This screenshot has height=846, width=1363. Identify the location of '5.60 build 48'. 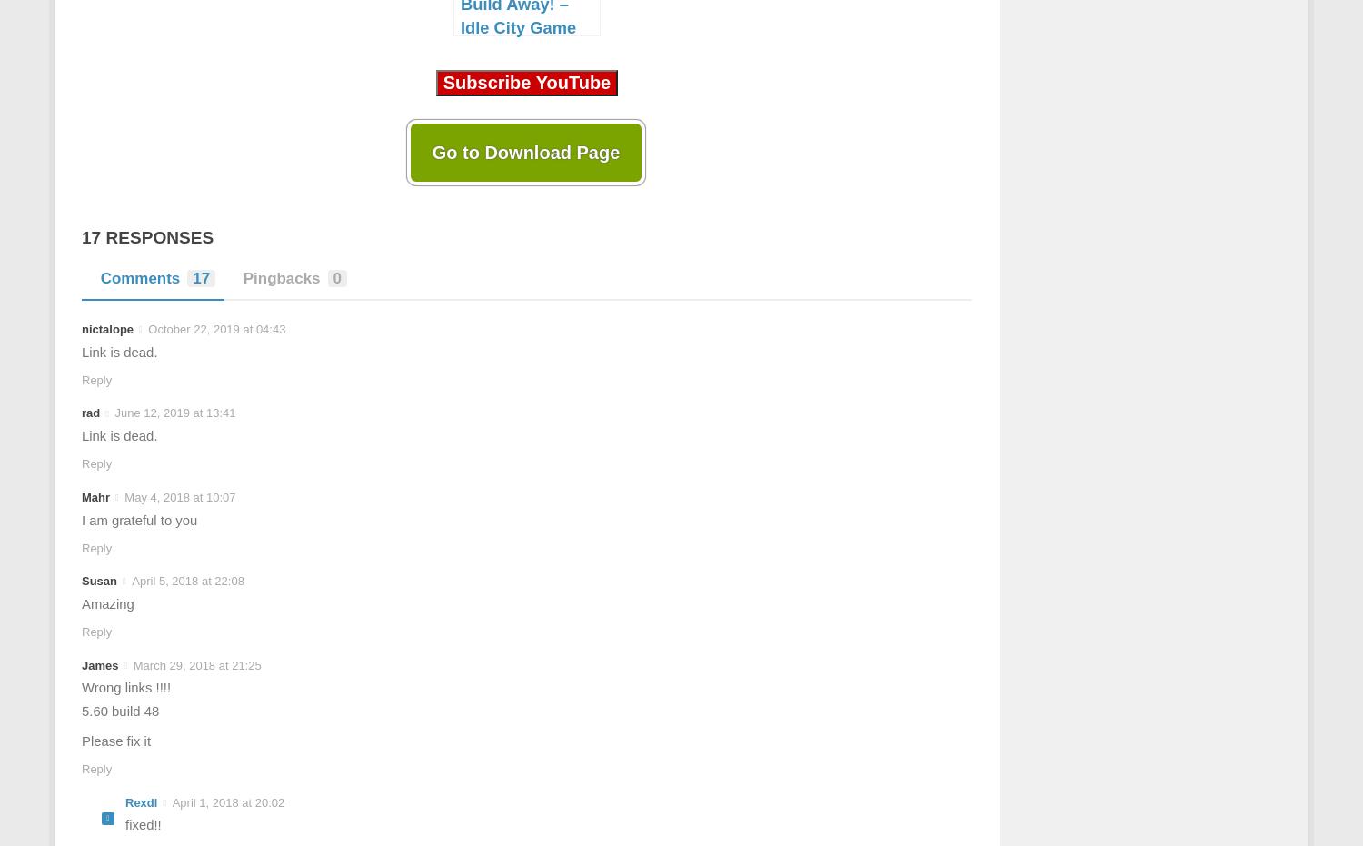
(81, 711).